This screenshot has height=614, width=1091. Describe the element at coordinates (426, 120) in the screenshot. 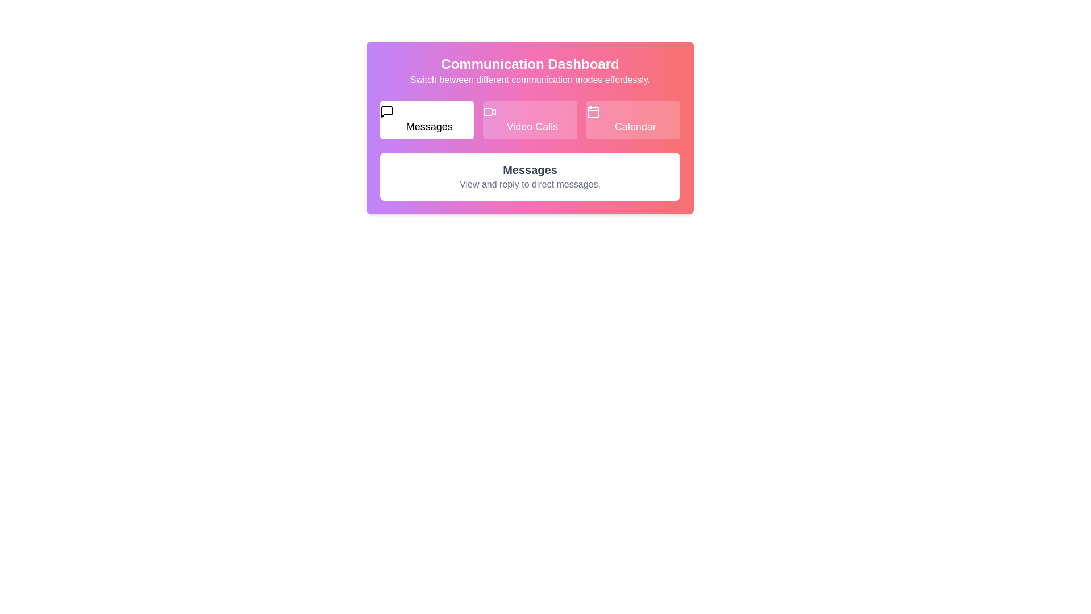

I see `the Messages tab to explore its content` at that location.